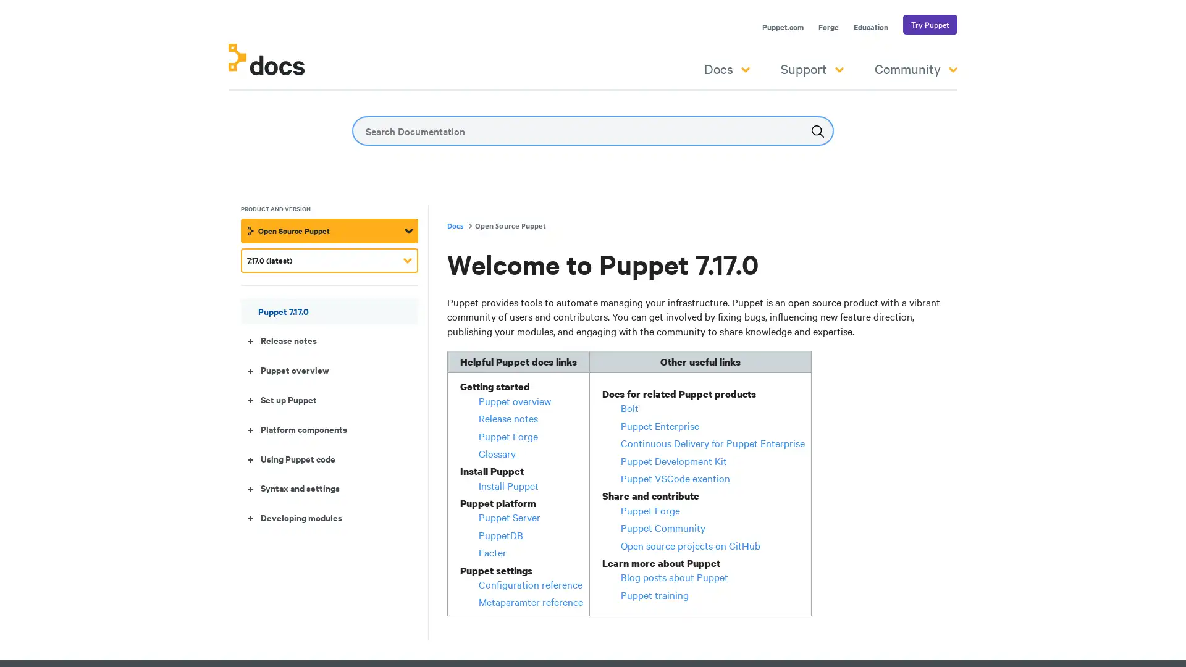 Image resolution: width=1186 pixels, height=667 pixels. What do you see at coordinates (818, 131) in the screenshot?
I see `Submit the search query.` at bounding box center [818, 131].